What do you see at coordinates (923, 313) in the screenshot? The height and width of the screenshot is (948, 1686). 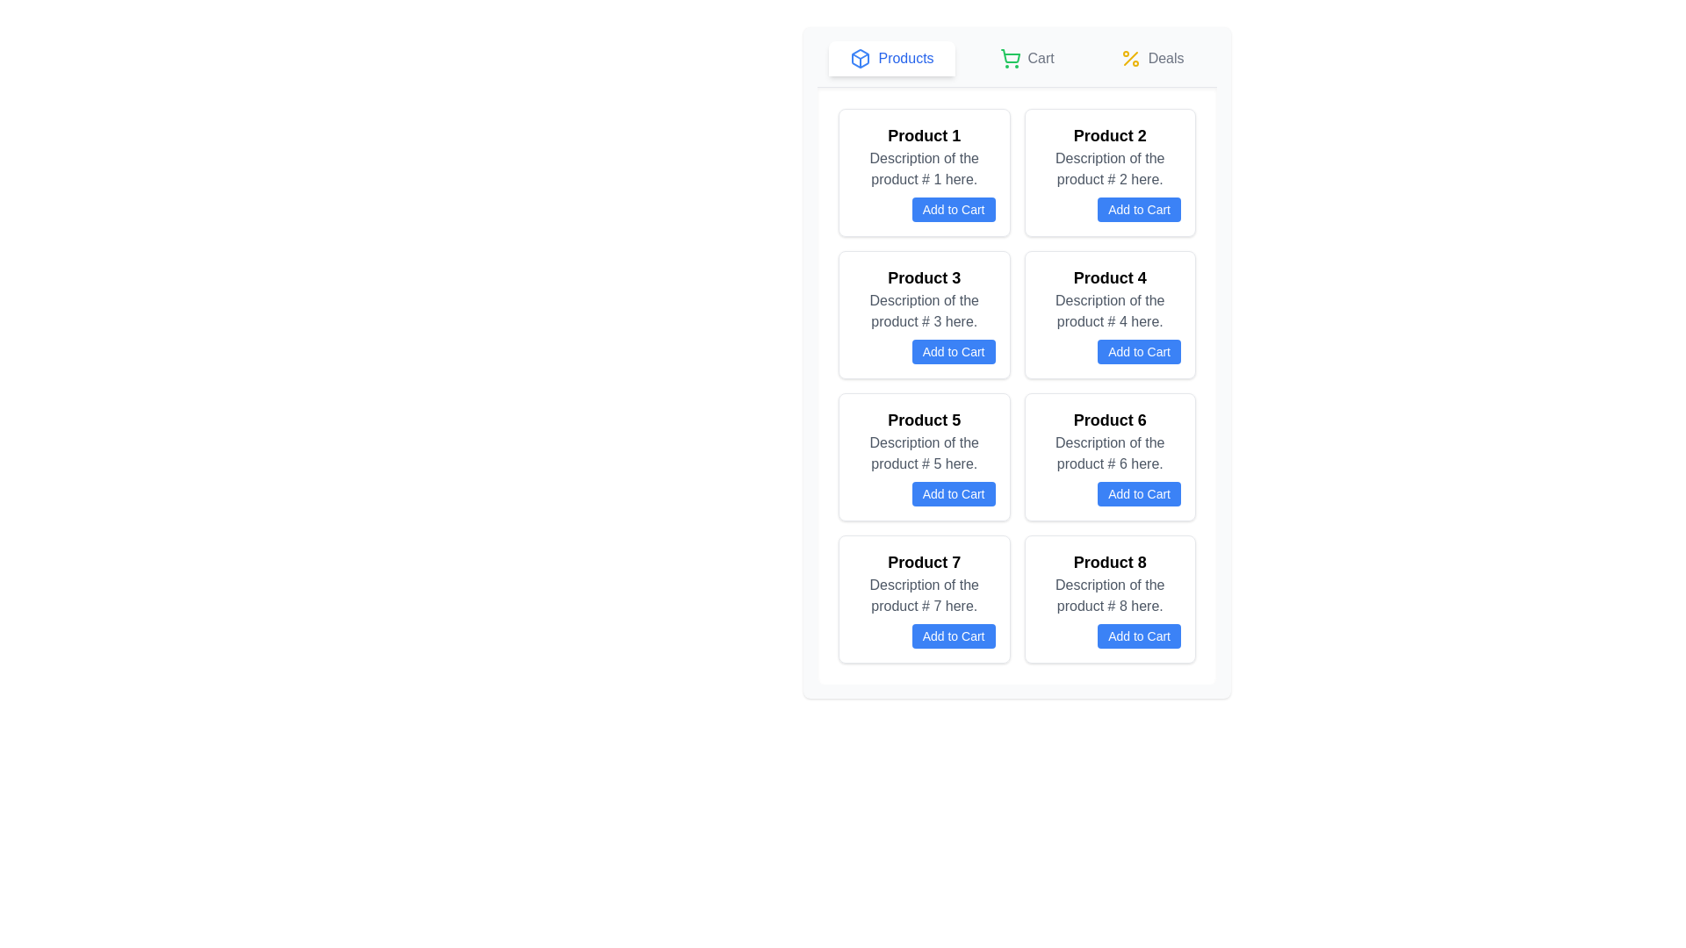 I see `the 'Add to Cart' button located at the bottom of the Product 3 card, which is the third card in an 8-card grid layout` at bounding box center [923, 313].